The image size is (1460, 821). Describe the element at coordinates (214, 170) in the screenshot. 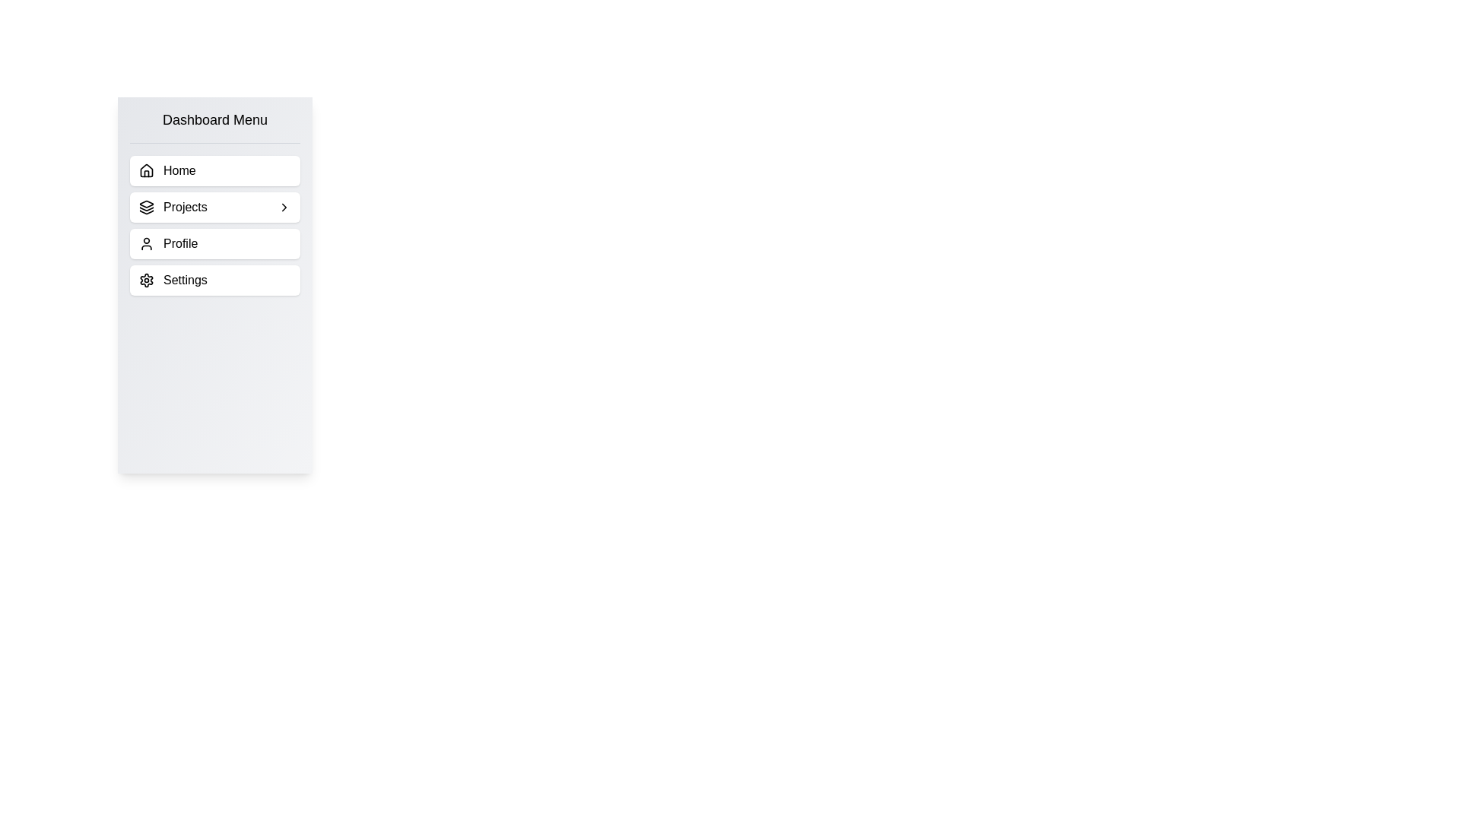

I see `the 'Home' button located at the top of the 'Dashboard Menu' section for keyboard accessibility` at that location.